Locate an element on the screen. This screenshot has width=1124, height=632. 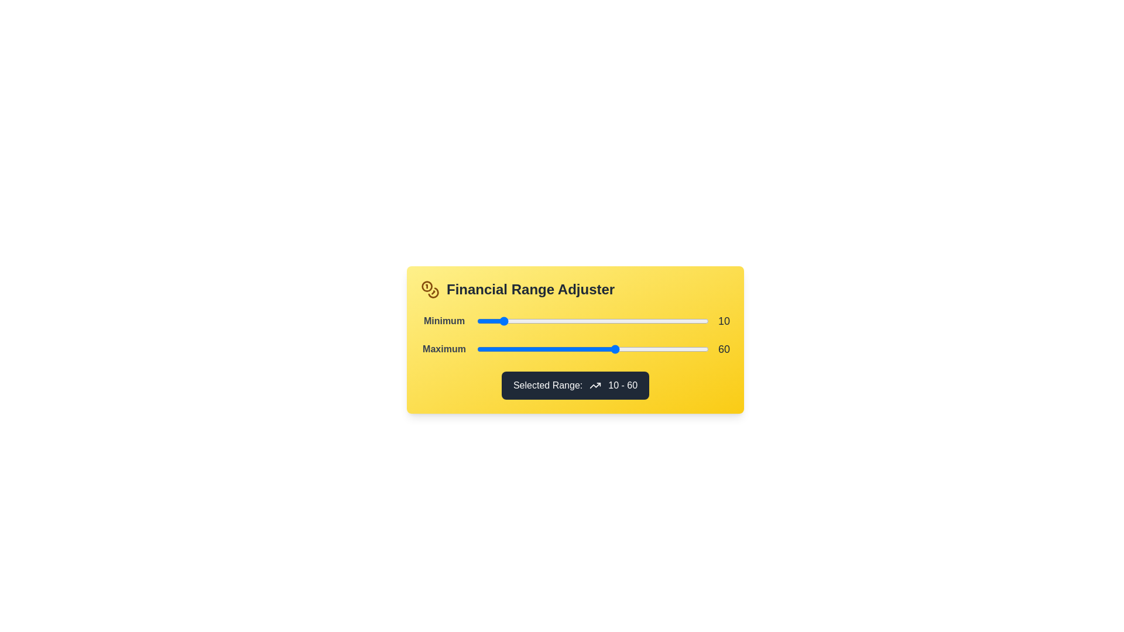
the 'Maximum' range slider to 13 is located at coordinates (507, 349).